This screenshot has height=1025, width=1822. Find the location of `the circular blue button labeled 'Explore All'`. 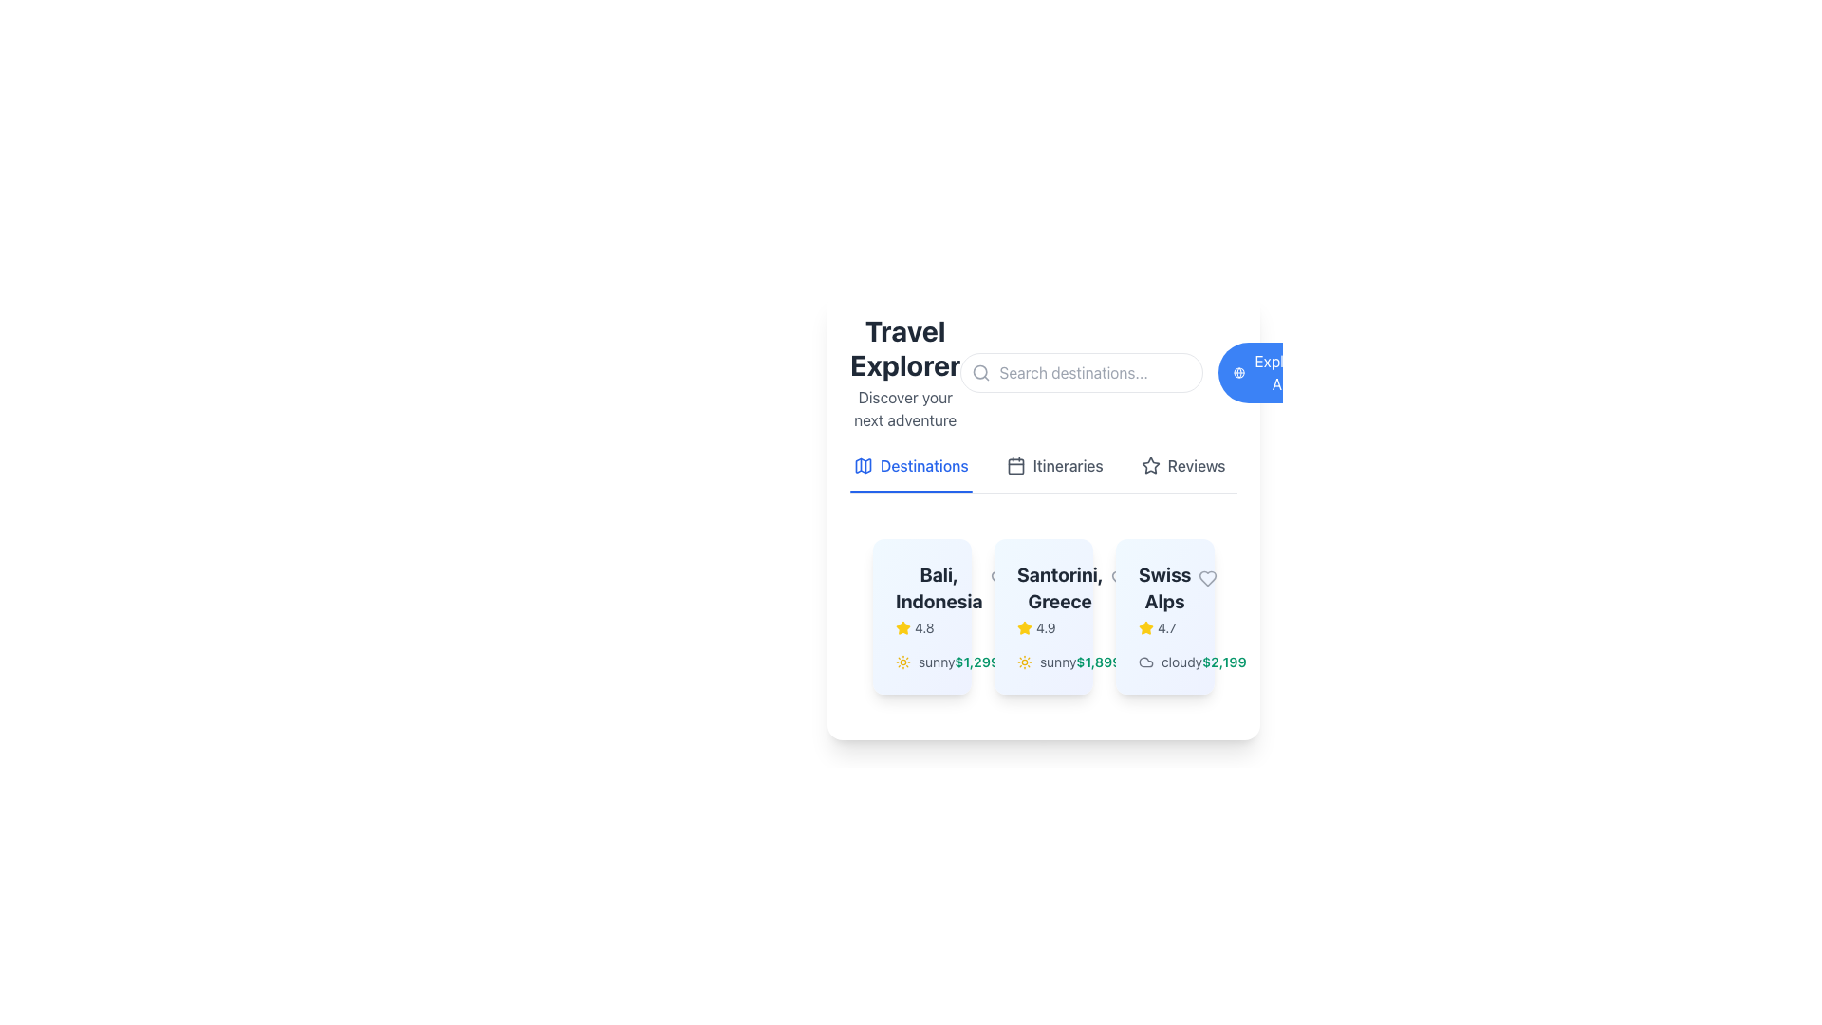

the circular blue button labeled 'Explore All' is located at coordinates (1141, 373).